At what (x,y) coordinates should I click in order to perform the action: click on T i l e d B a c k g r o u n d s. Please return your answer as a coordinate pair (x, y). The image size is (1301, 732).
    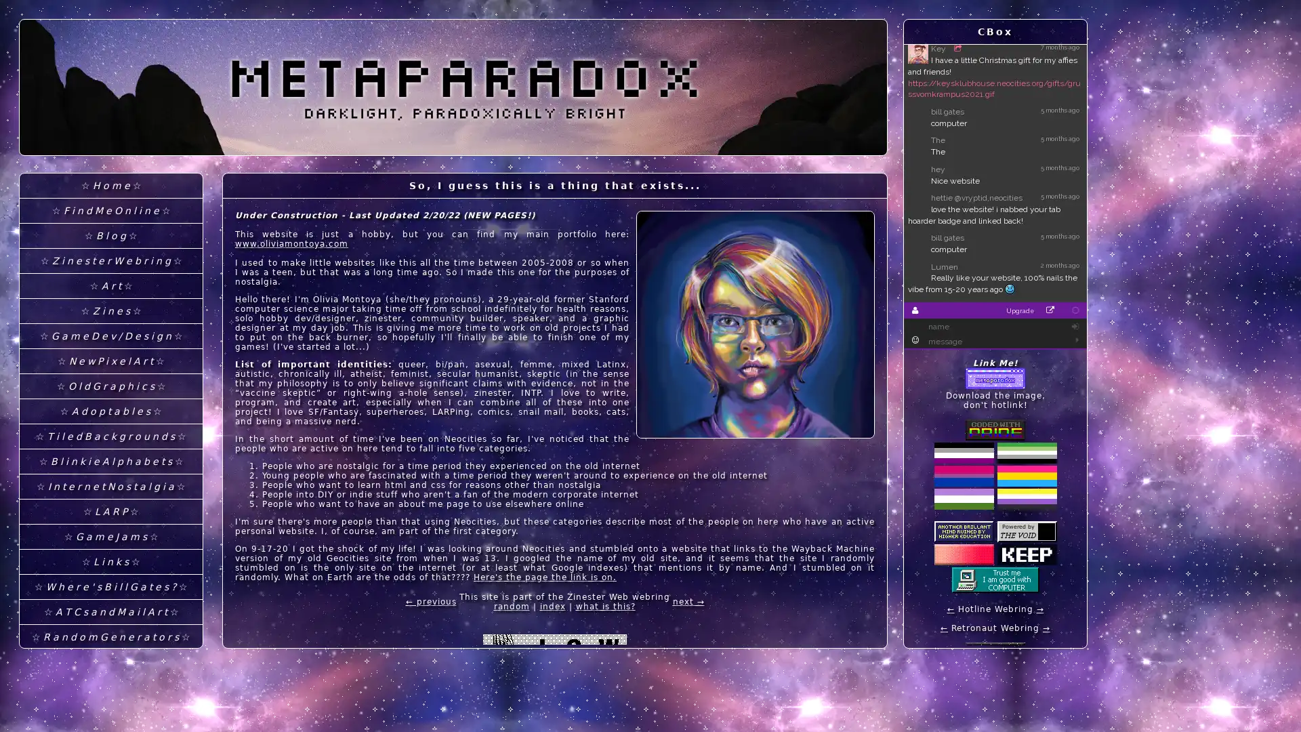
    Looking at the image, I should click on (110, 436).